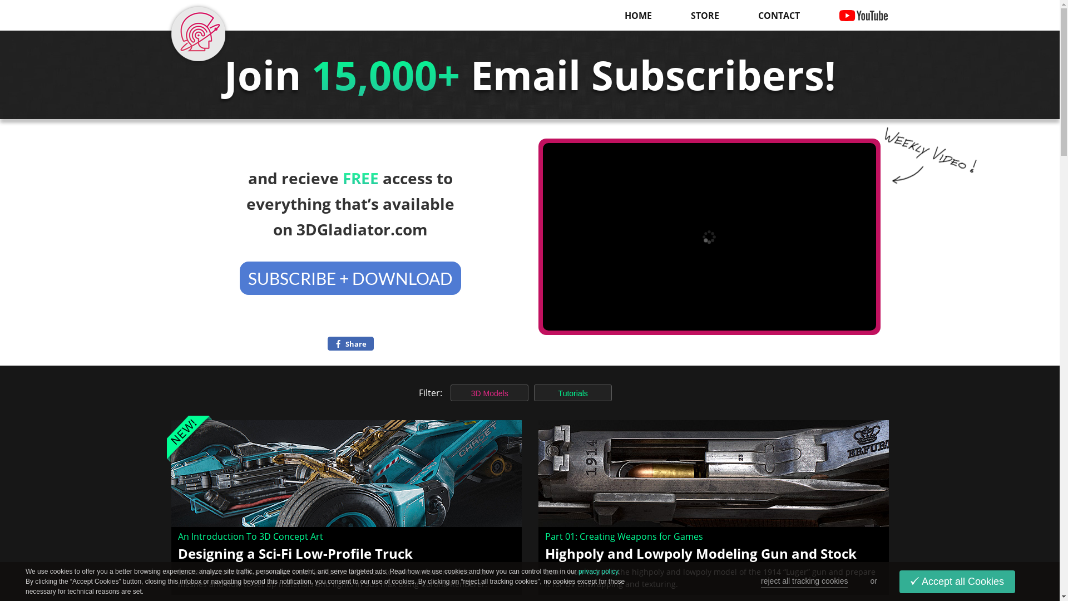 The image size is (1068, 601). What do you see at coordinates (690, 15) in the screenshot?
I see `'STORE'` at bounding box center [690, 15].